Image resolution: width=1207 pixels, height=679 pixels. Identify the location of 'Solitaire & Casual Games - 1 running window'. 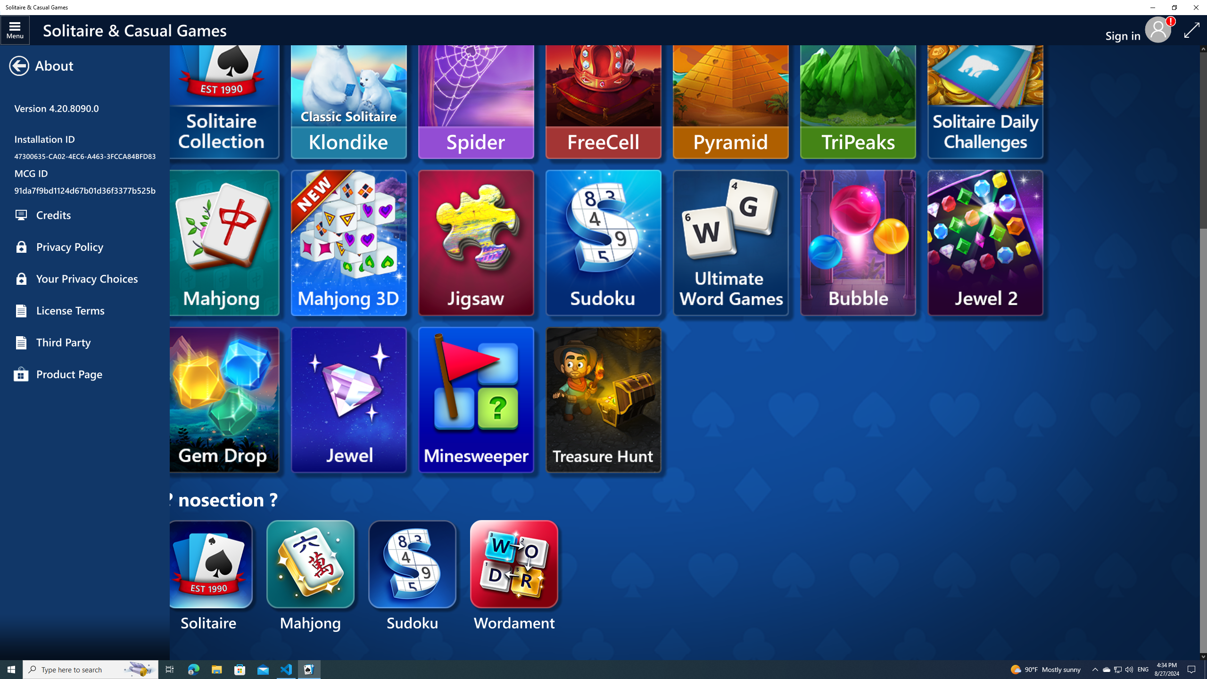
(309, 669).